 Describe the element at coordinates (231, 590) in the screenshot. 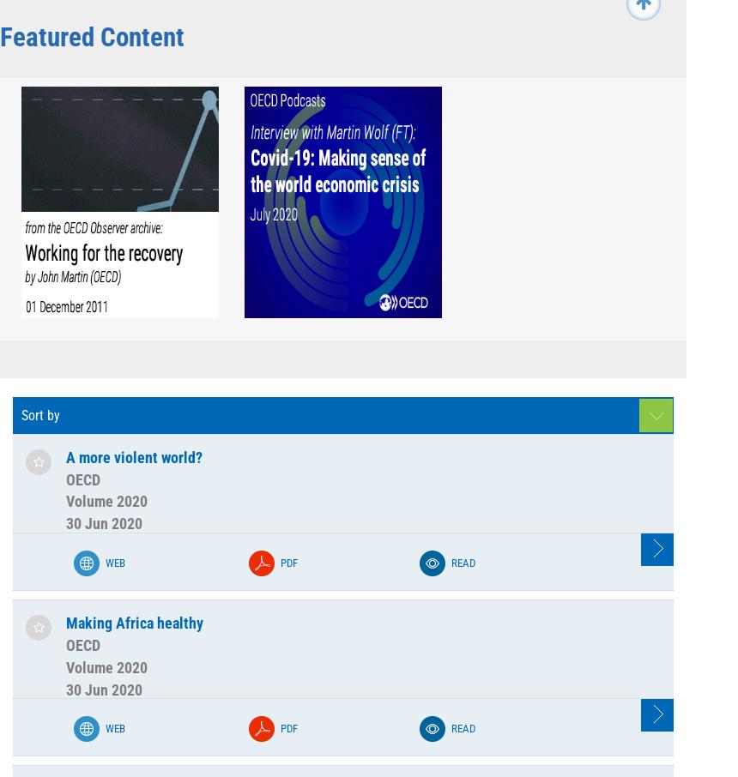

I see `'Volume 1994'` at that location.